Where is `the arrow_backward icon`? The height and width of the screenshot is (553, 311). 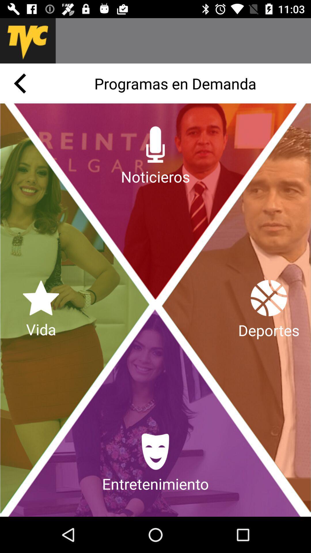 the arrow_backward icon is located at coordinates (20, 83).